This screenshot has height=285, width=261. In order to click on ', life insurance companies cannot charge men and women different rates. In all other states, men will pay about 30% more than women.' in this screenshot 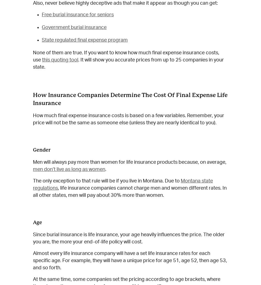, I will do `click(129, 192)`.